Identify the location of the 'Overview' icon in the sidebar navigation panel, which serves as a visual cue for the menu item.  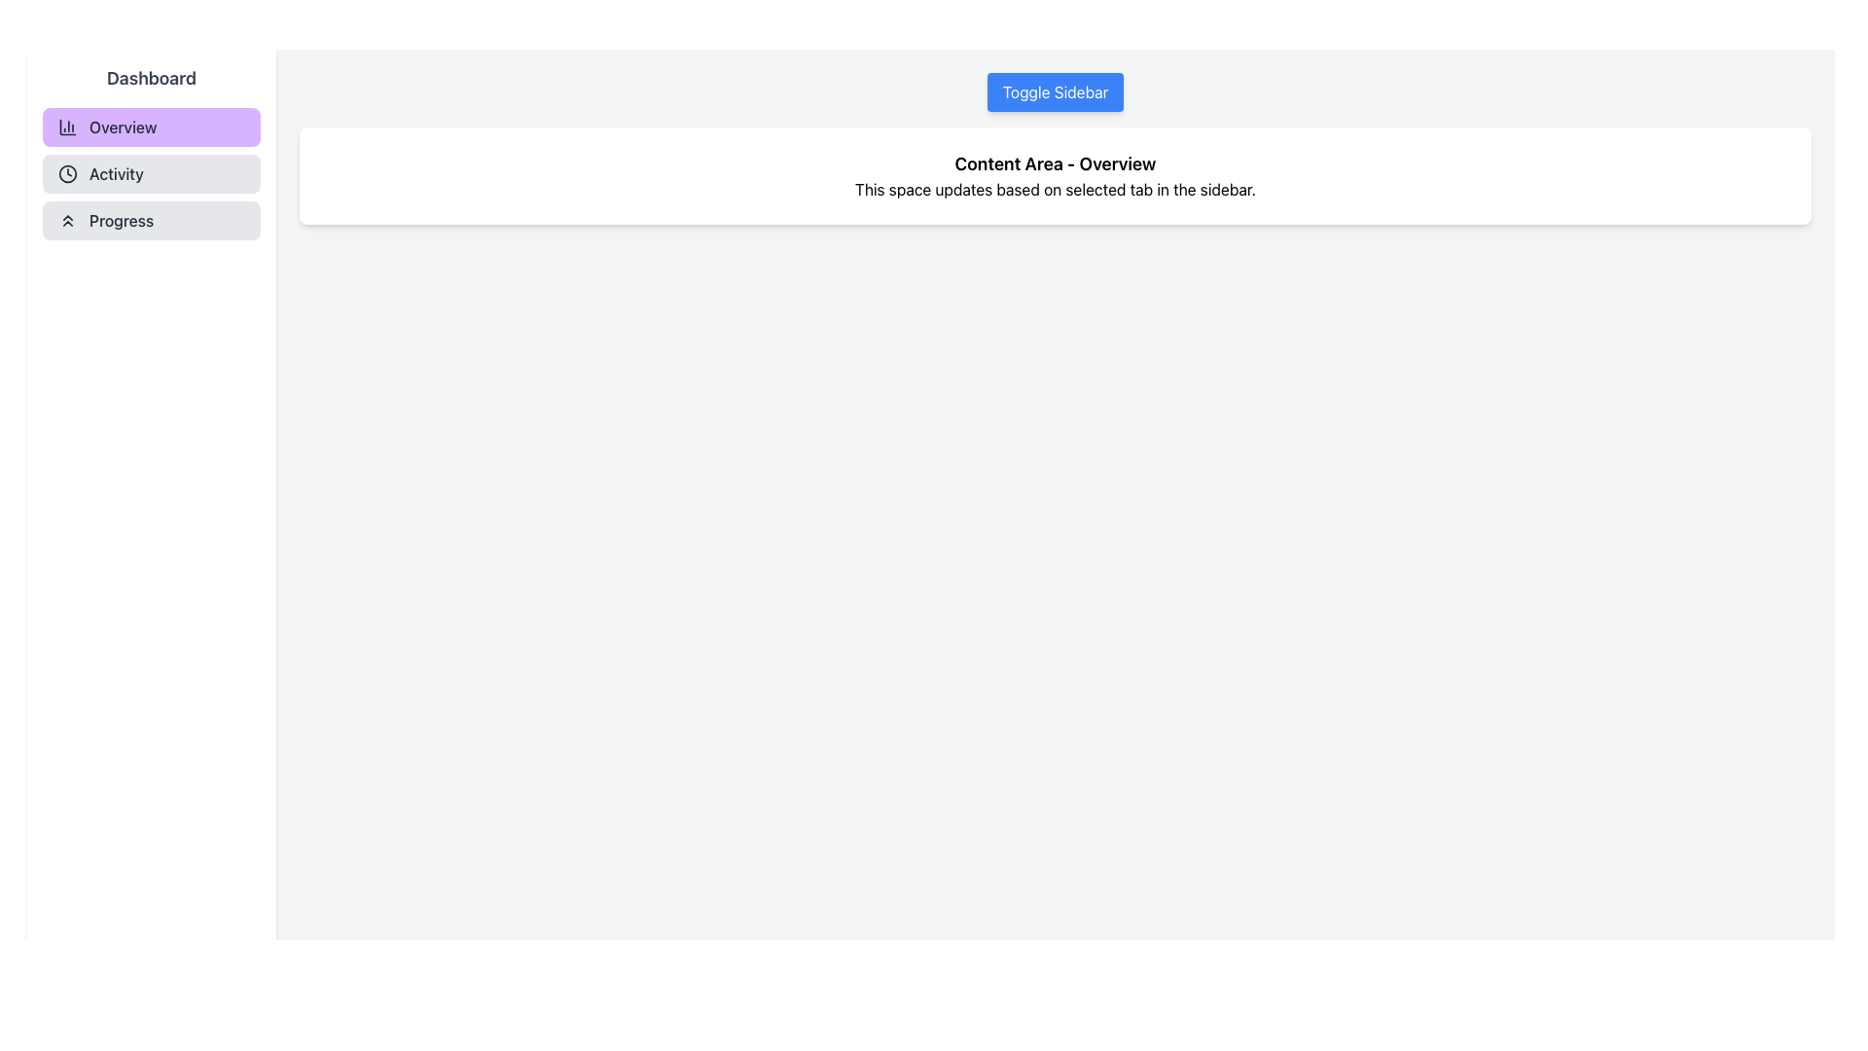
(68, 127).